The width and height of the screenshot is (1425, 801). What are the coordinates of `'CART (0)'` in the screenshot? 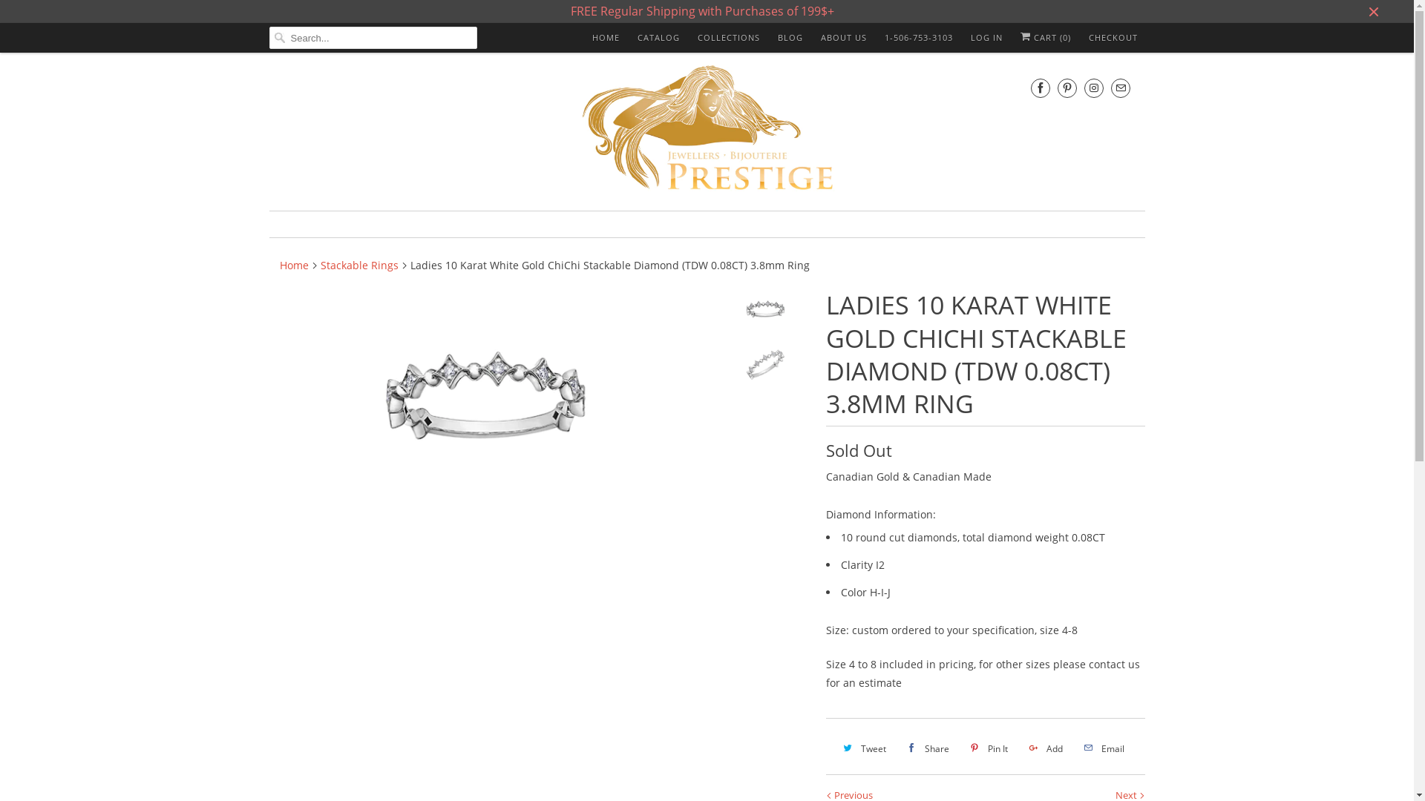 It's located at (1044, 36).